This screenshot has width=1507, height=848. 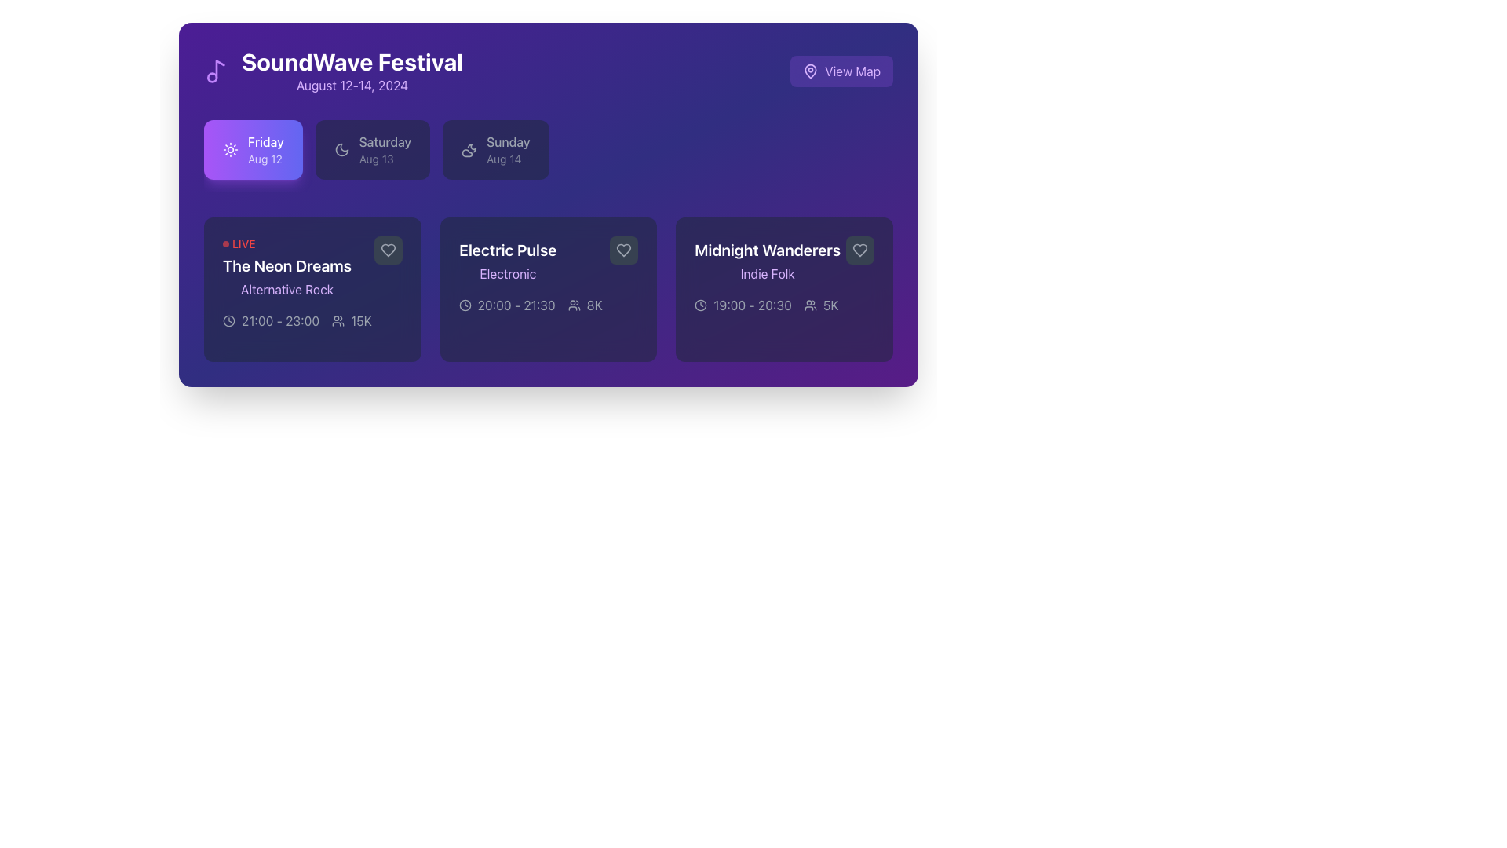 What do you see at coordinates (584, 305) in the screenshot?
I see `the informational component displaying '8K' and an icon of a group of people, located at the bottom right of the 'Electric Pulse' event card` at bounding box center [584, 305].